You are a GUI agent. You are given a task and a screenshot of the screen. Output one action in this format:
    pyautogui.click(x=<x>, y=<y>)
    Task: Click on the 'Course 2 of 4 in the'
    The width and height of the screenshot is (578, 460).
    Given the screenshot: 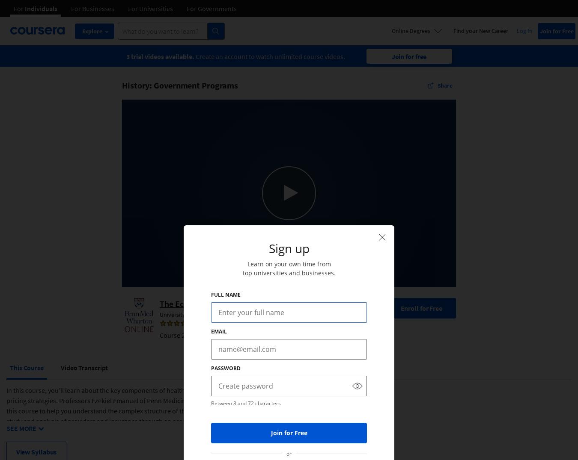 What is the action you would take?
    pyautogui.click(x=188, y=335)
    